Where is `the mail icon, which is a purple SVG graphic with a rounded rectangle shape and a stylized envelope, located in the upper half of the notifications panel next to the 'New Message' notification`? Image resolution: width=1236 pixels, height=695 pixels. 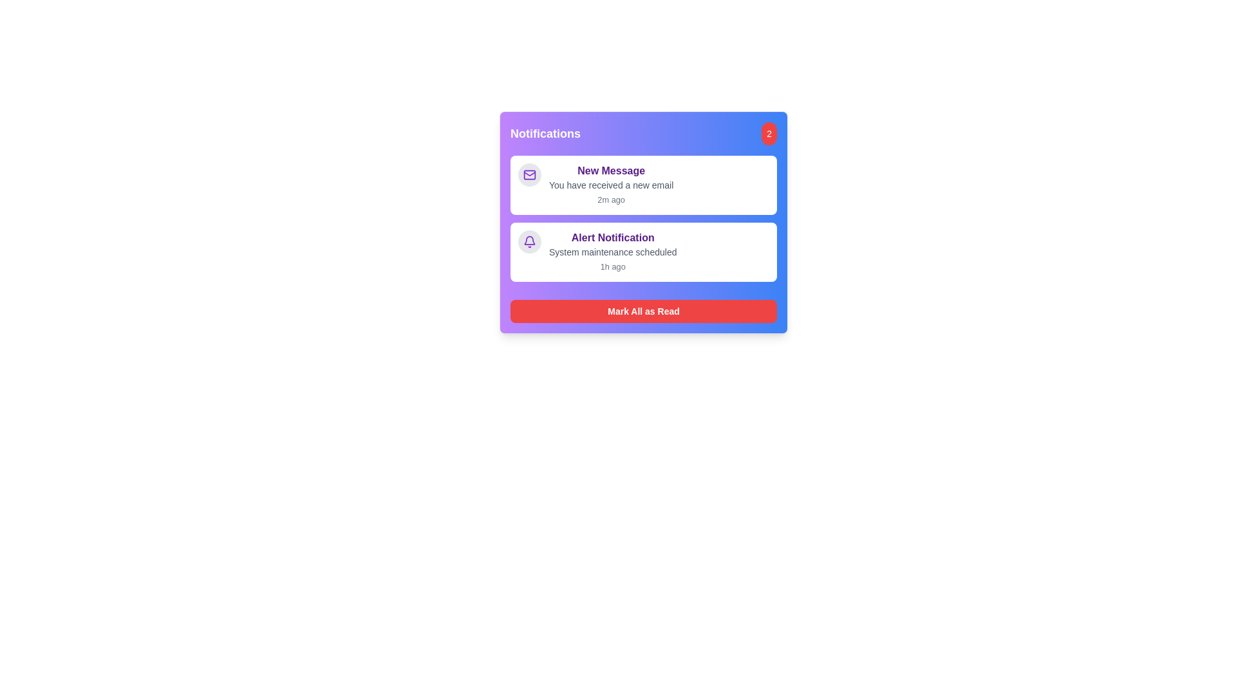 the mail icon, which is a purple SVG graphic with a rounded rectangle shape and a stylized envelope, located in the upper half of the notifications panel next to the 'New Message' notification is located at coordinates (529, 175).